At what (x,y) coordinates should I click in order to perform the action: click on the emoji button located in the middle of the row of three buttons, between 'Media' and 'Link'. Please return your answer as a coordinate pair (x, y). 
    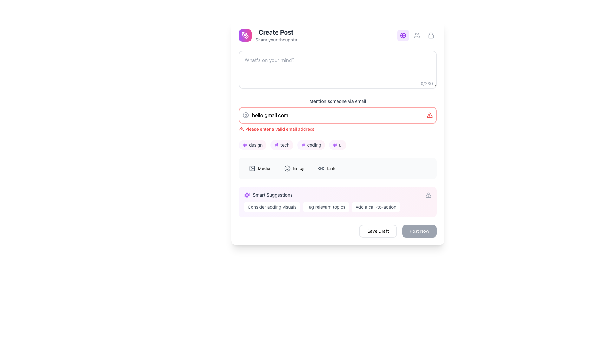
    Looking at the image, I should click on (294, 168).